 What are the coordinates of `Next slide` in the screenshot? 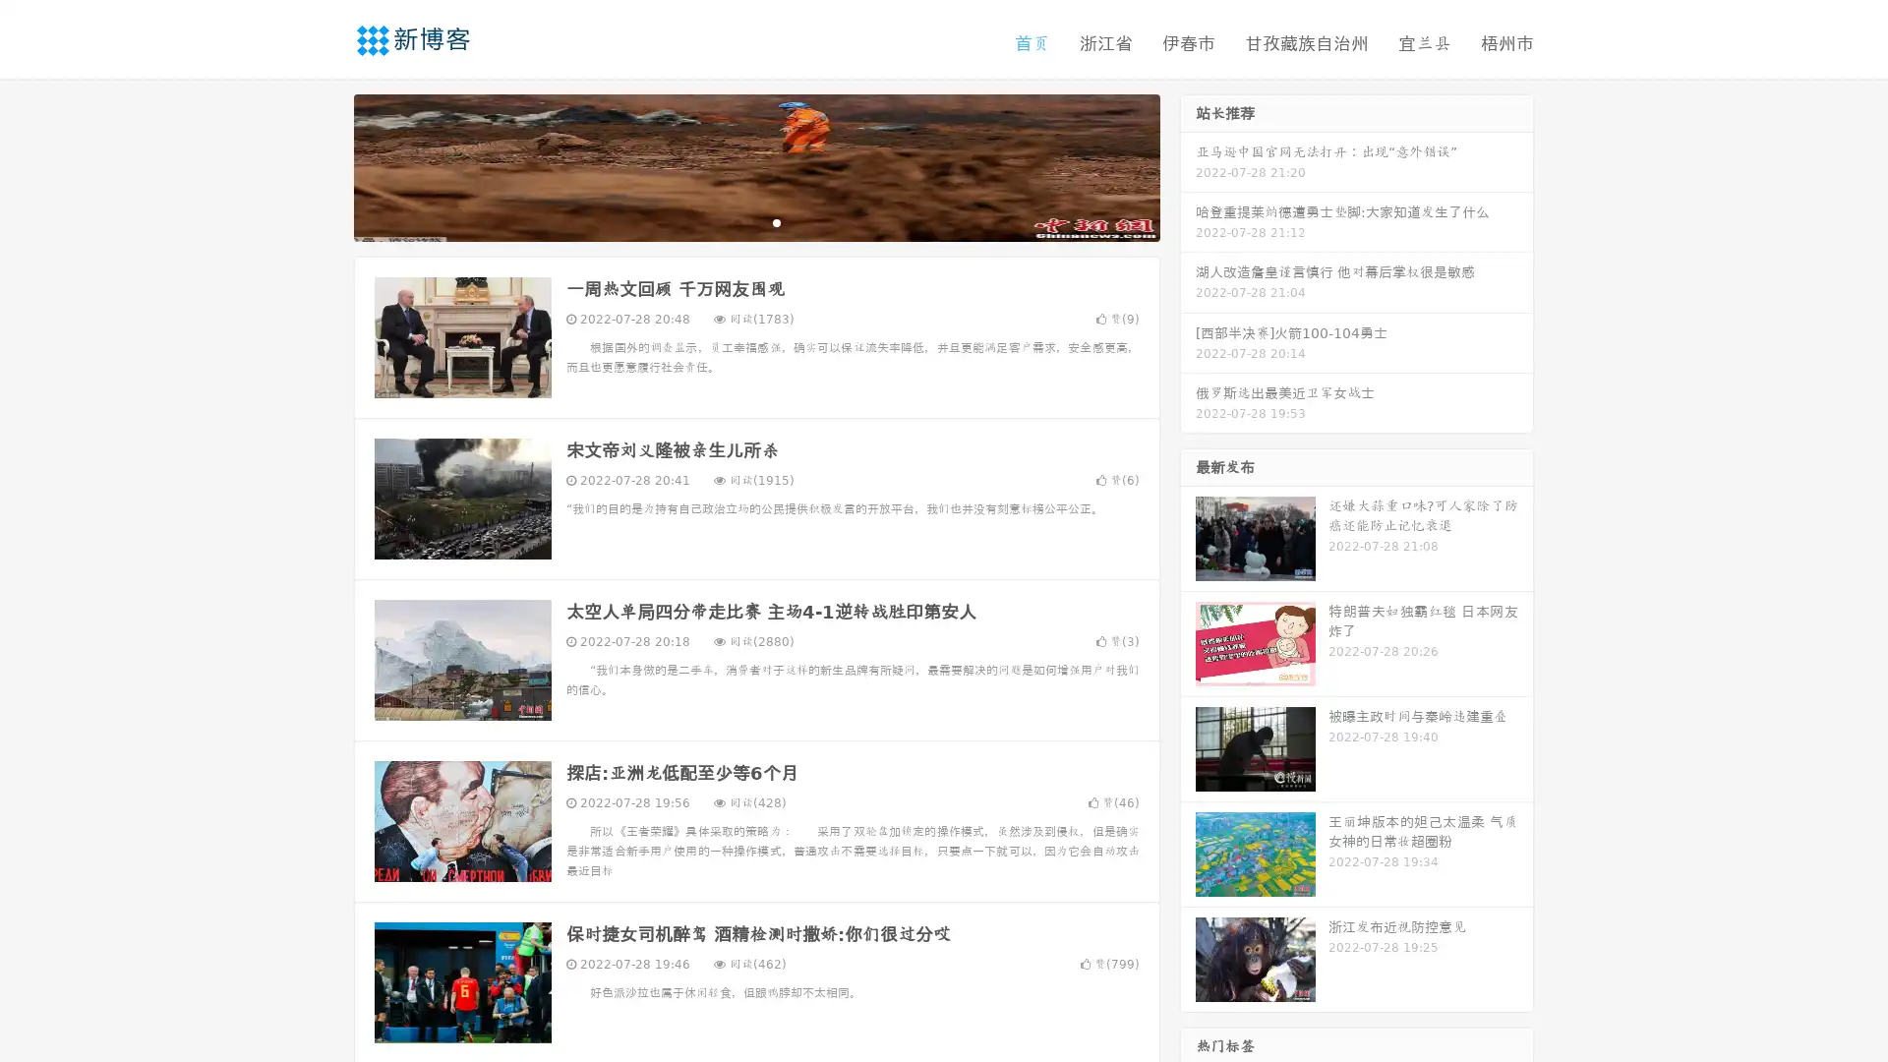 It's located at (1188, 165).